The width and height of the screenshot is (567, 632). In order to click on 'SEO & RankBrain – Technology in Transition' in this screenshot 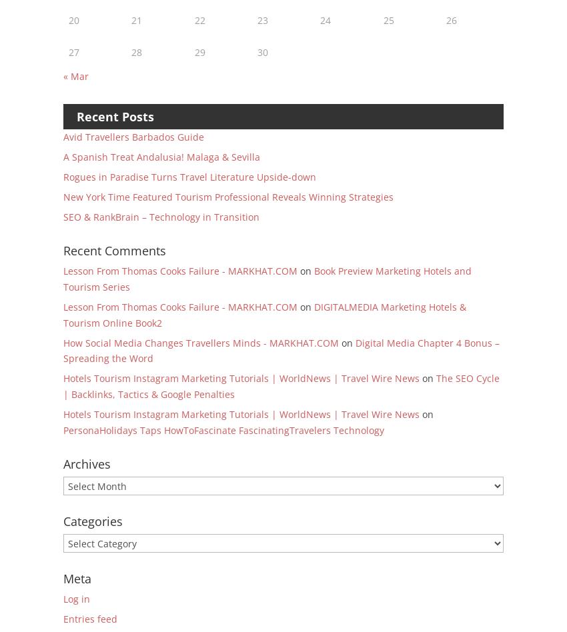, I will do `click(63, 216)`.